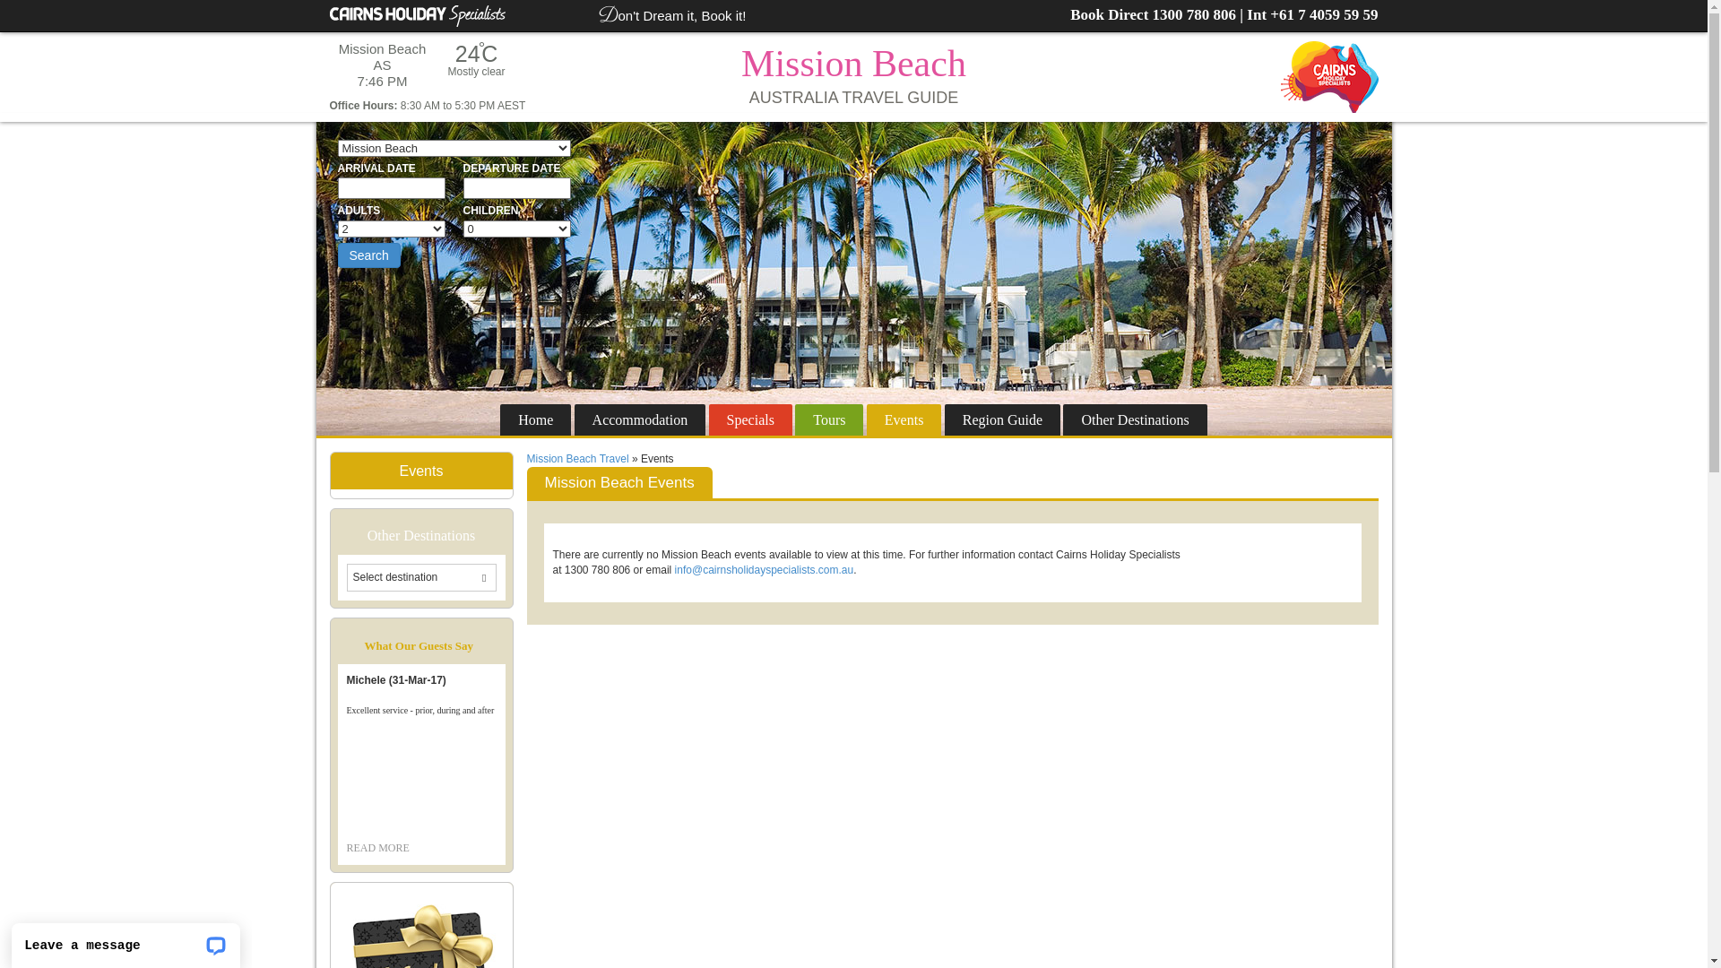 This screenshot has height=968, width=1721. What do you see at coordinates (1324, 14) in the screenshot?
I see `'+61 7 4059 59 59'` at bounding box center [1324, 14].